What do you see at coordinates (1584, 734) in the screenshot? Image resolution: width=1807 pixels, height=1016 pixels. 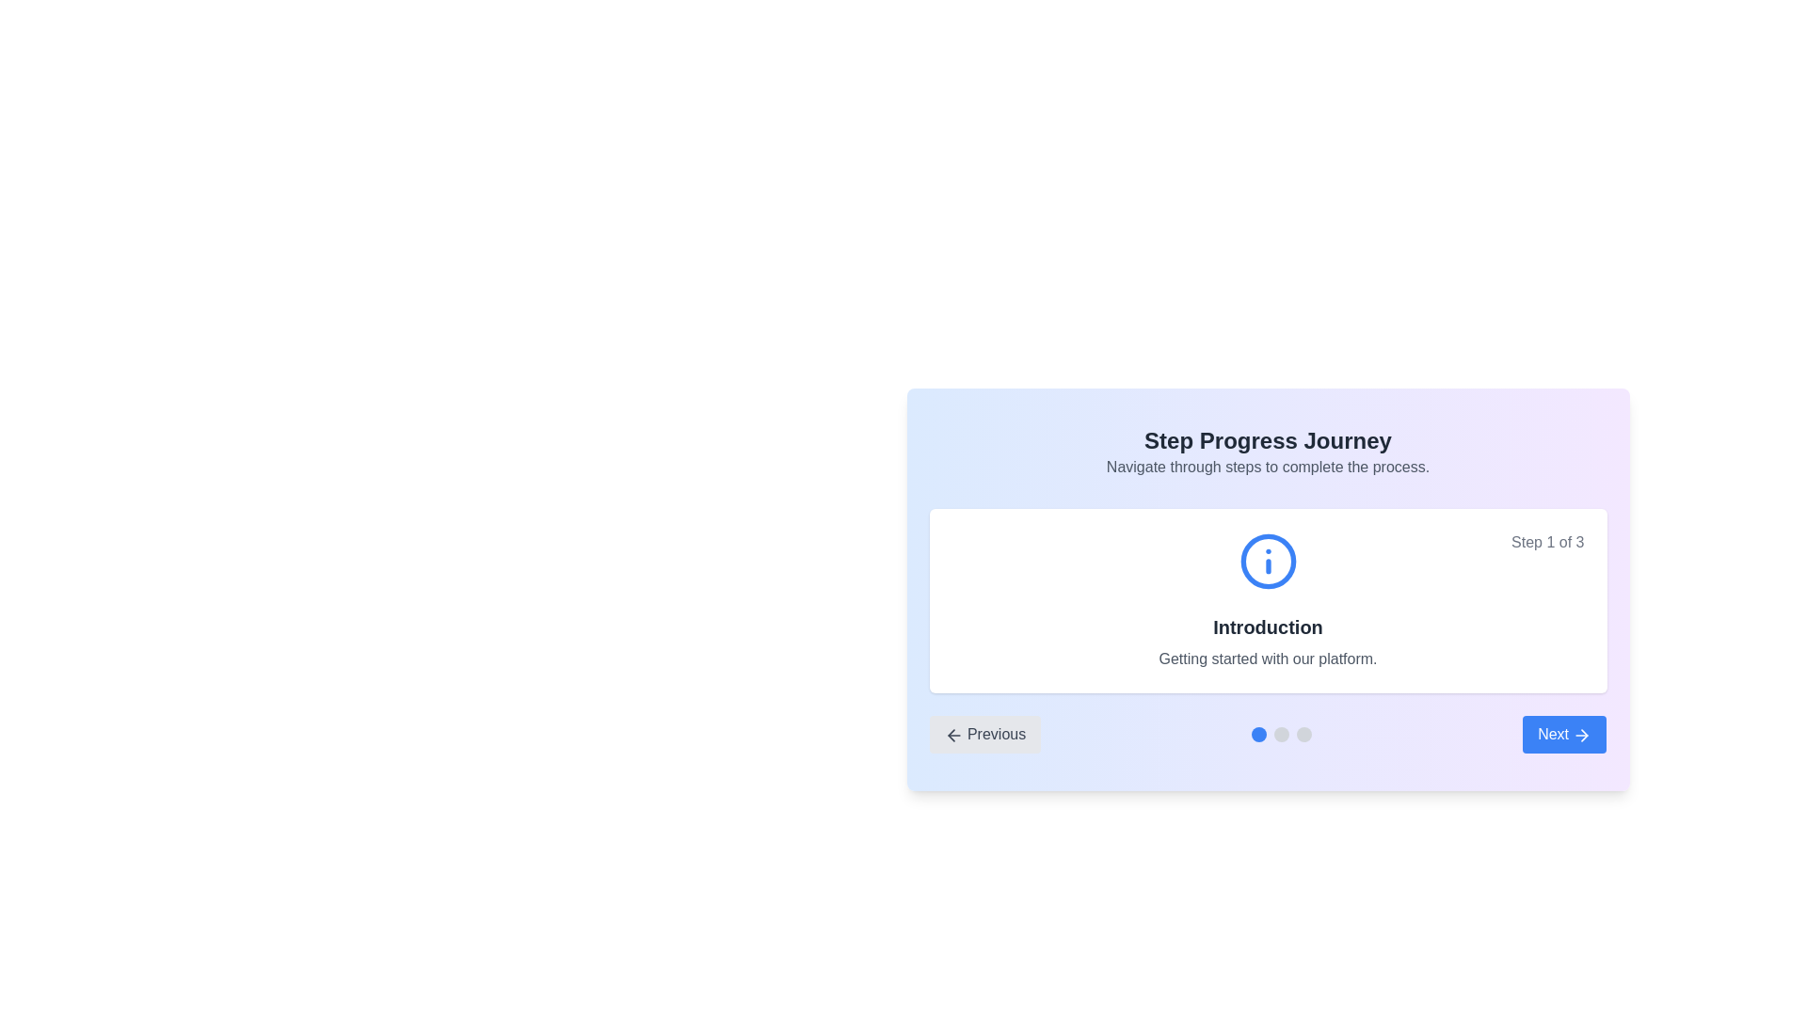 I see `the small right-pointing chevron icon within the 'Next' button located at the bottom-right corner of the step-progress interface` at bounding box center [1584, 734].